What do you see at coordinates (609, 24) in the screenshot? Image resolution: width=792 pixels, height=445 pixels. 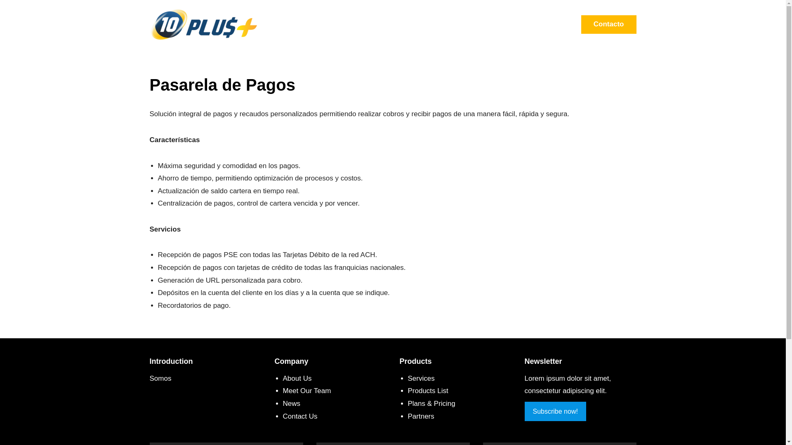 I see `'Contacto'` at bounding box center [609, 24].